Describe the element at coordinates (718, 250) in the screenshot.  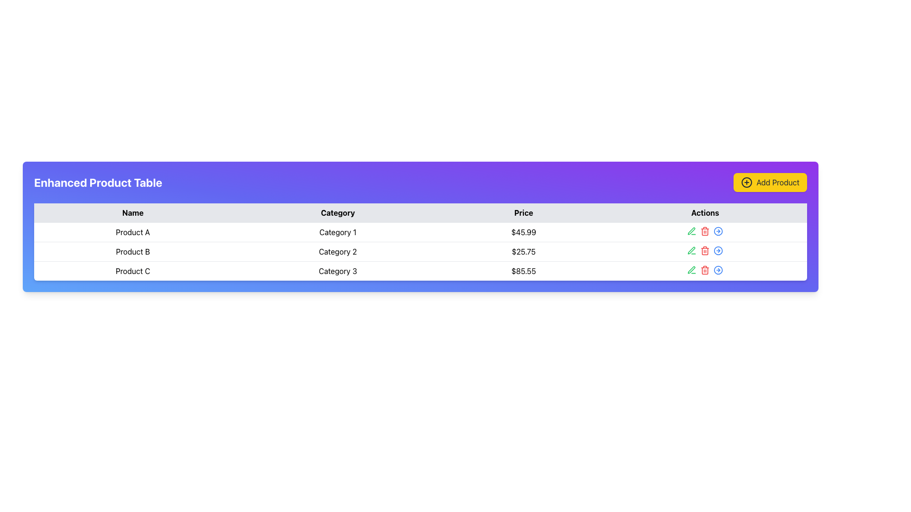
I see `the circular blue icon with a right-pointing arrow located in the 'Actions' column of the third row in the table` at that location.